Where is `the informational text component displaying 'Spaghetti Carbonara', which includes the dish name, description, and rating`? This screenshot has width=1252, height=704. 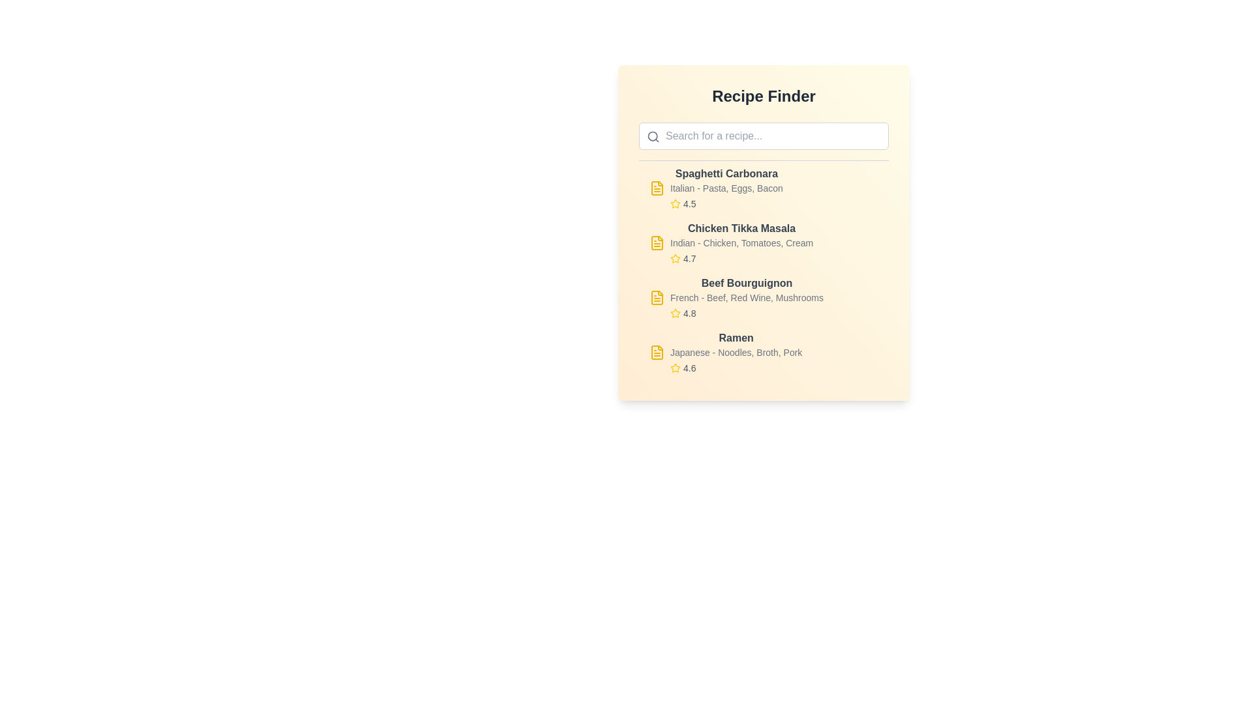
the informational text component displaying 'Spaghetti Carbonara', which includes the dish name, description, and rating is located at coordinates (726, 188).